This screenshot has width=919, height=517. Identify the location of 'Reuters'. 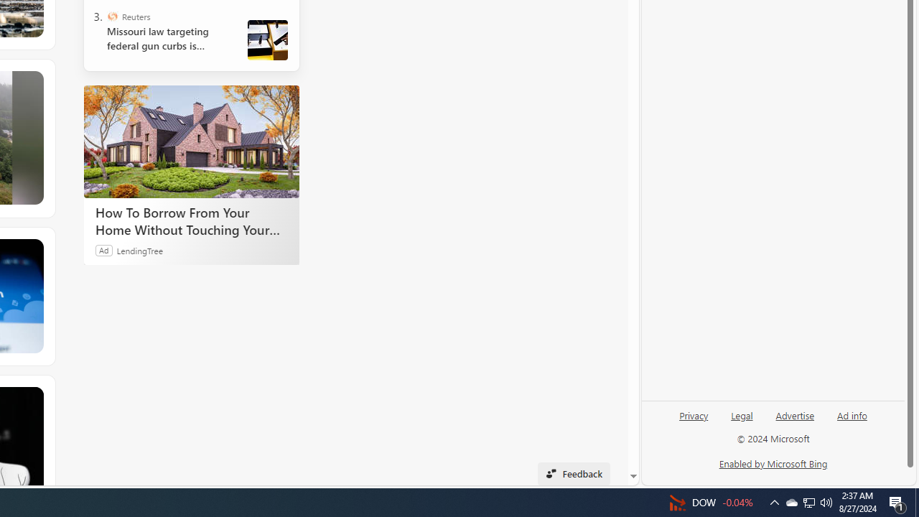
(111, 17).